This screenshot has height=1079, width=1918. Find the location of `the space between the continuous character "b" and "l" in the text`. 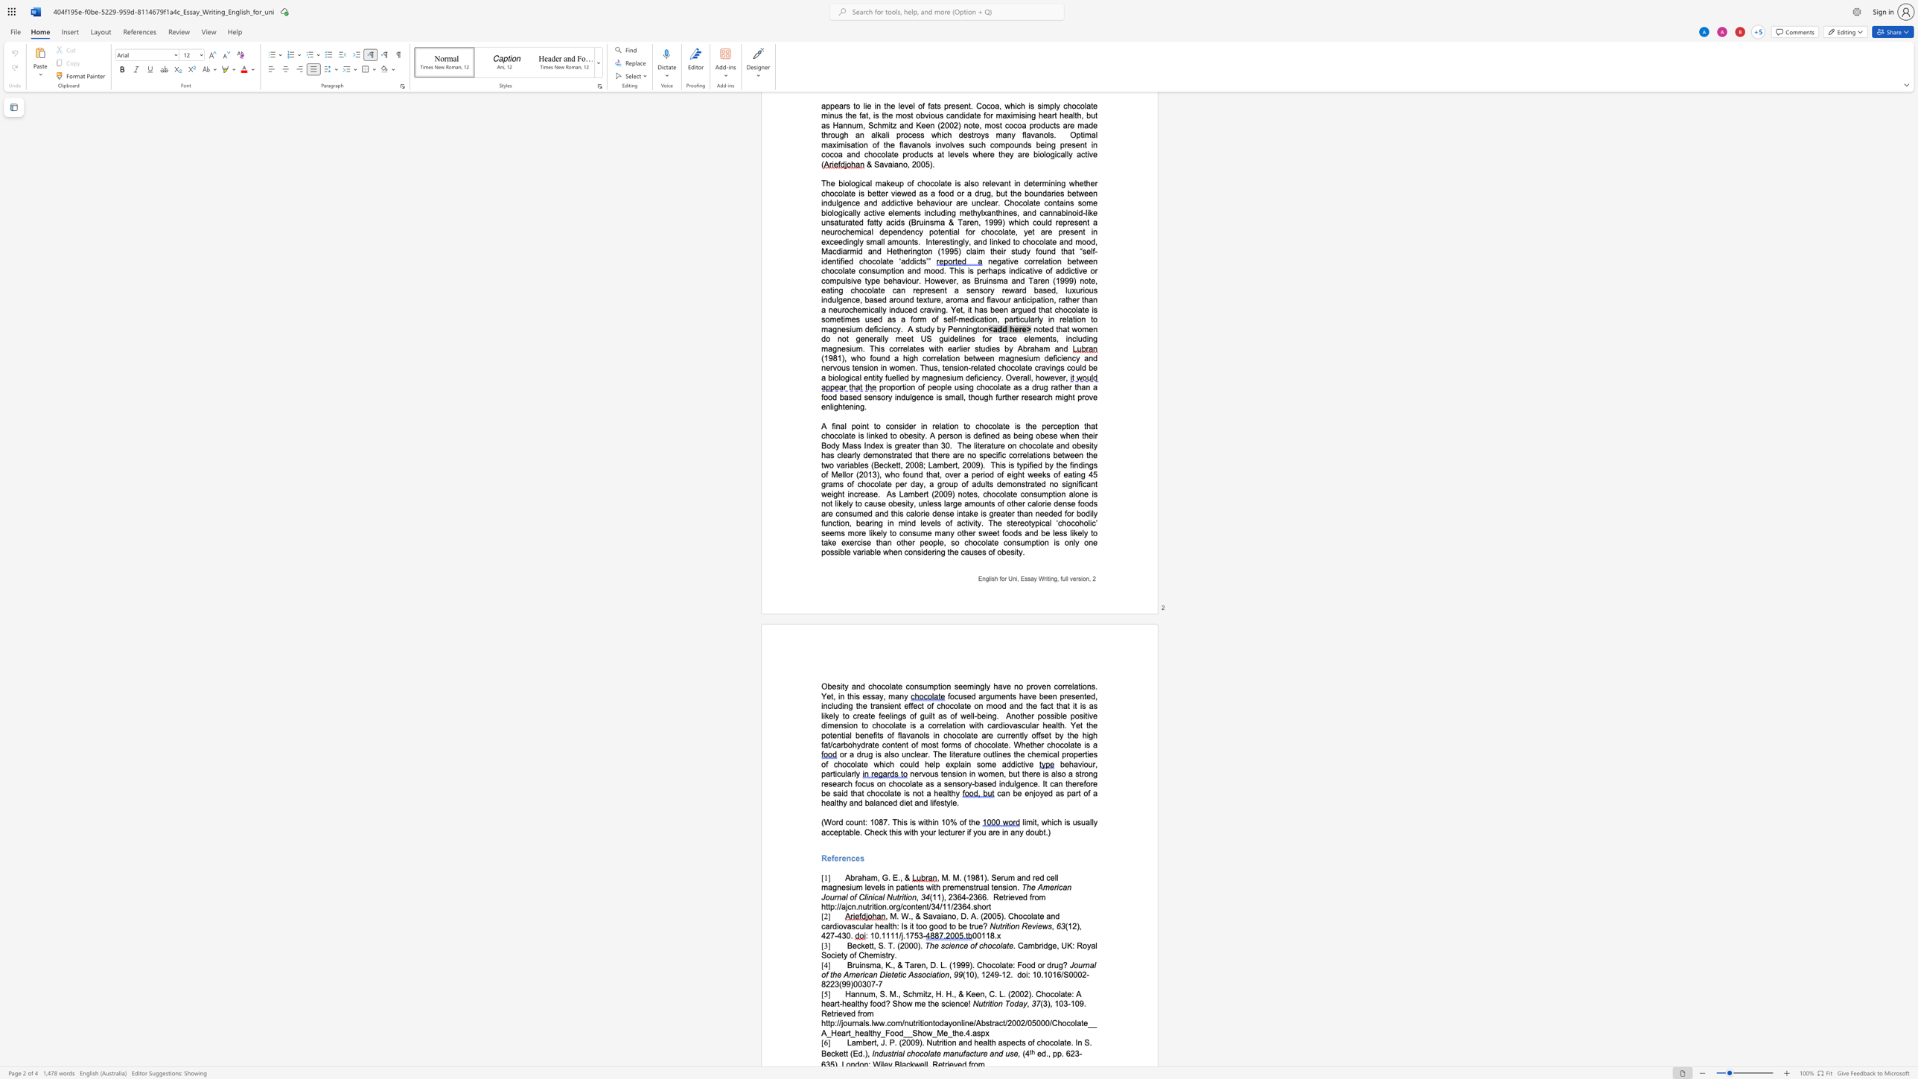

the space between the continuous character "b" and "l" in the text is located at coordinates (853, 832).